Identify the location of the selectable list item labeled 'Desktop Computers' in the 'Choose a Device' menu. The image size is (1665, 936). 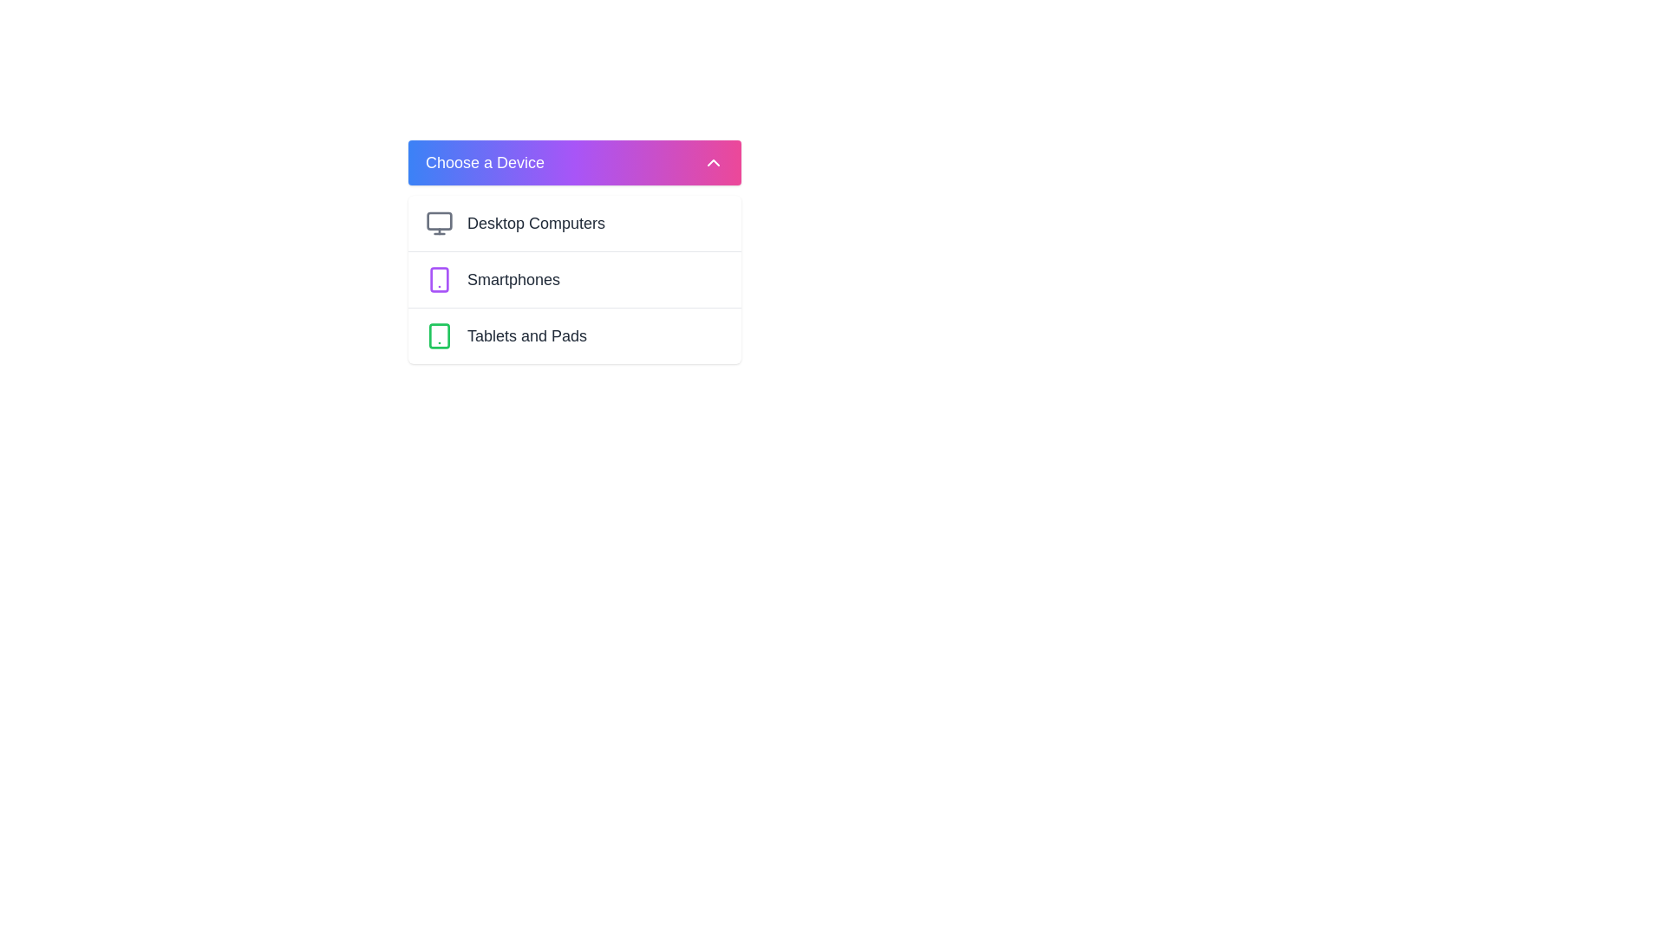
(574, 223).